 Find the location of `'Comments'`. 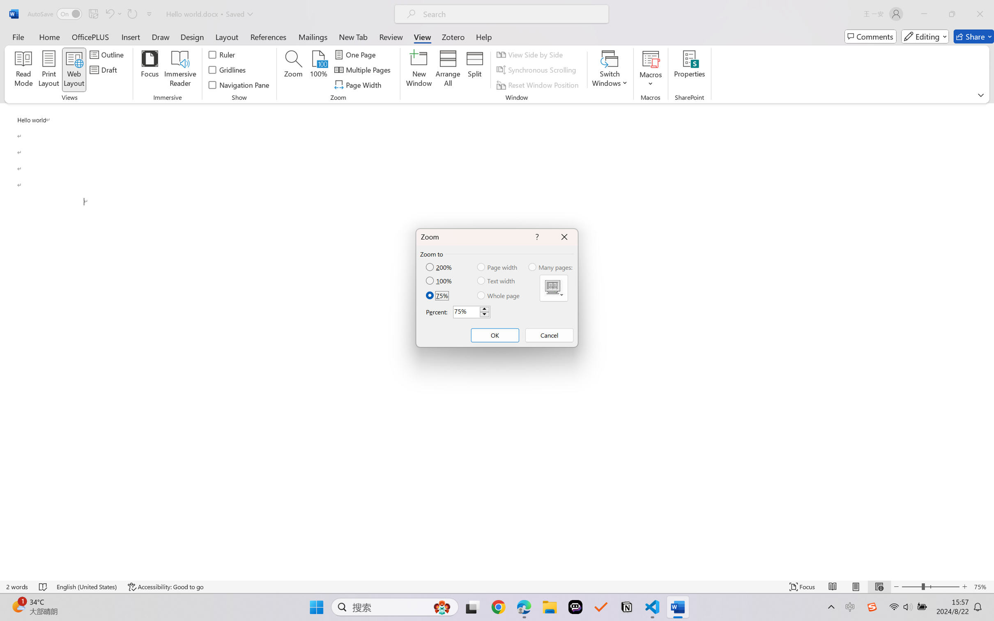

'Comments' is located at coordinates (870, 36).